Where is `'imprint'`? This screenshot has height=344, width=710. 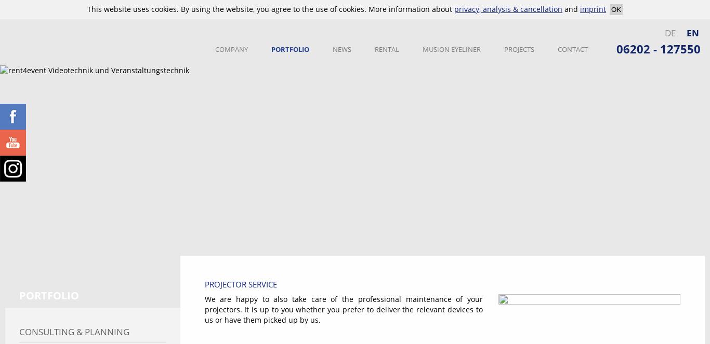
'imprint' is located at coordinates (593, 9).